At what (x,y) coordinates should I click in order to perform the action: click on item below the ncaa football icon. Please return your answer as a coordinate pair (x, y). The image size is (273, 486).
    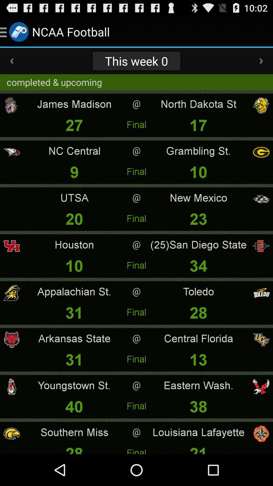
    Looking at the image, I should click on (136, 61).